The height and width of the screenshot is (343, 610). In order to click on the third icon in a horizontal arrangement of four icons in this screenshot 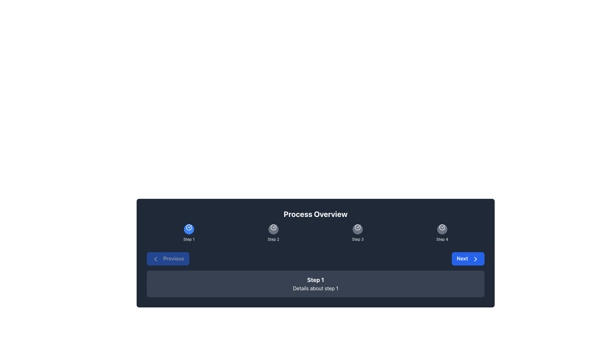, I will do `click(358, 227)`.